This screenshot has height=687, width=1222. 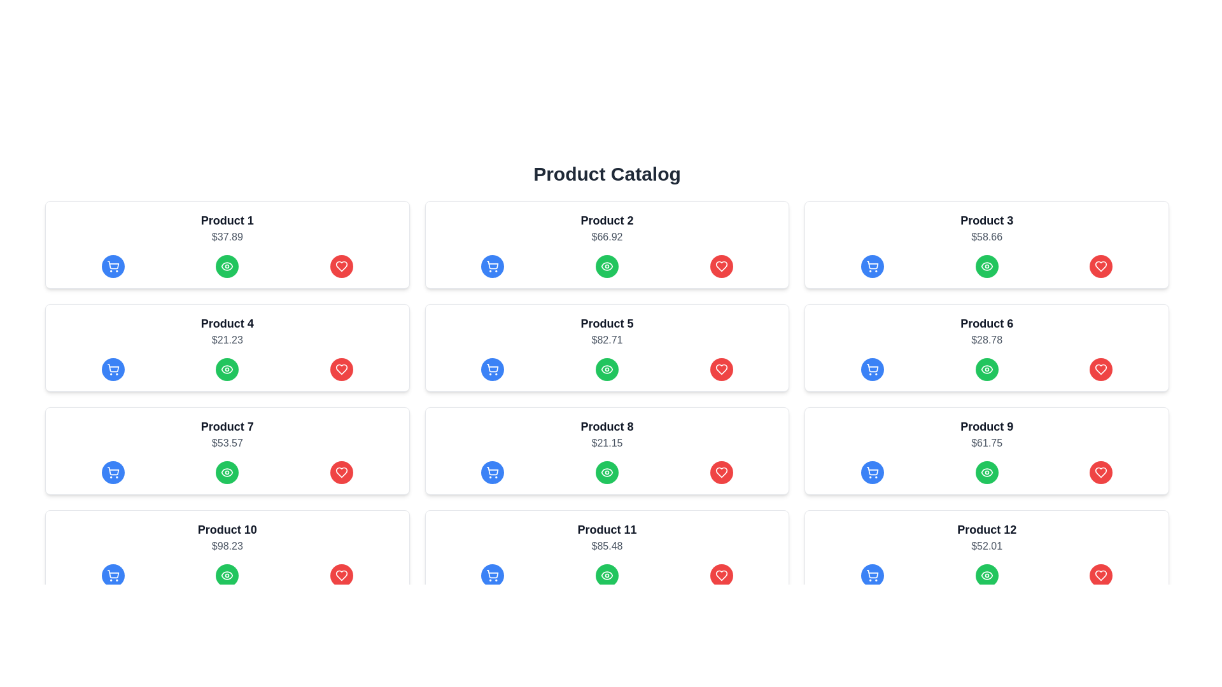 What do you see at coordinates (227, 553) in the screenshot?
I see `the buttons within the product card located in the fourth row and first column of the grid layout, which displays product name and price` at bounding box center [227, 553].